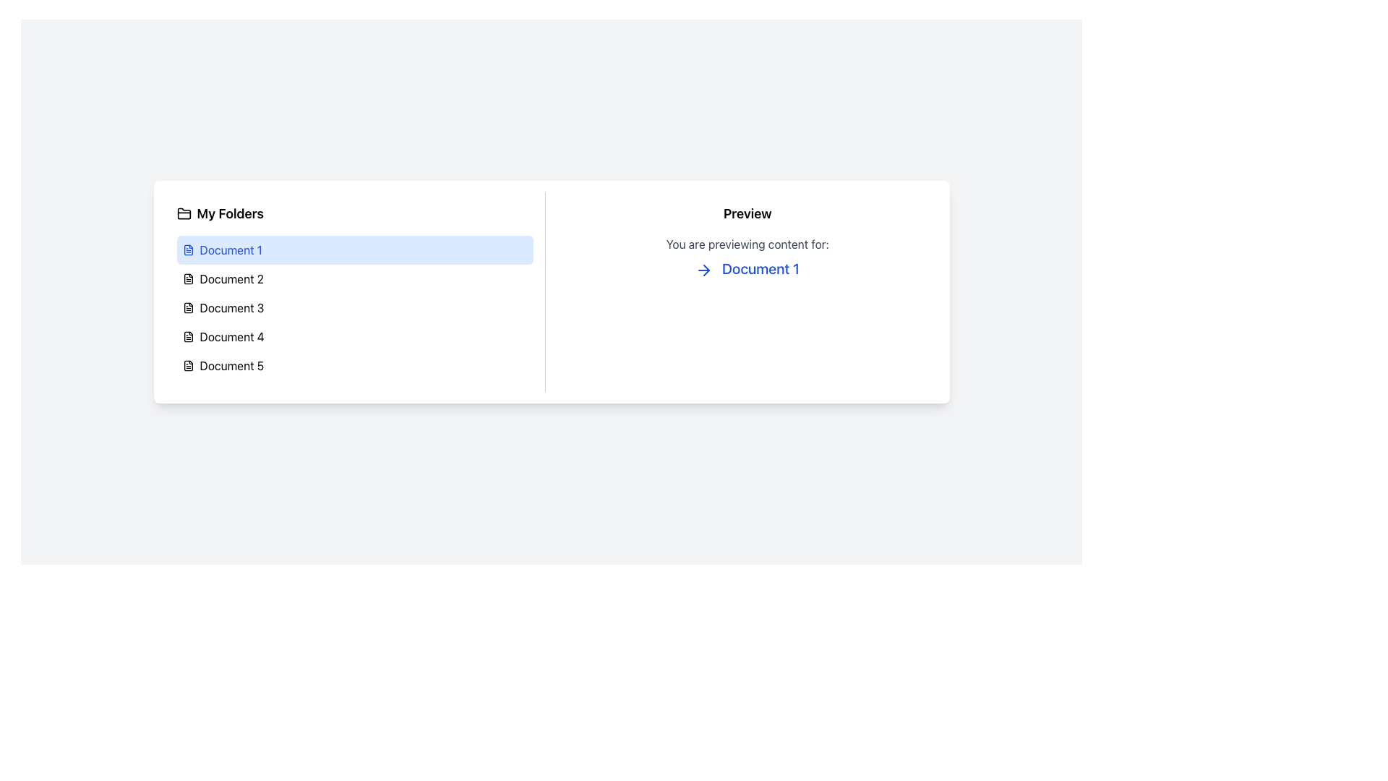 The width and height of the screenshot is (1388, 781). I want to click on the selectable list item labeled 'Document 2' located in the 'My Folders' section, directly below 'Document 1' and above 'Document 3', so click(355, 278).